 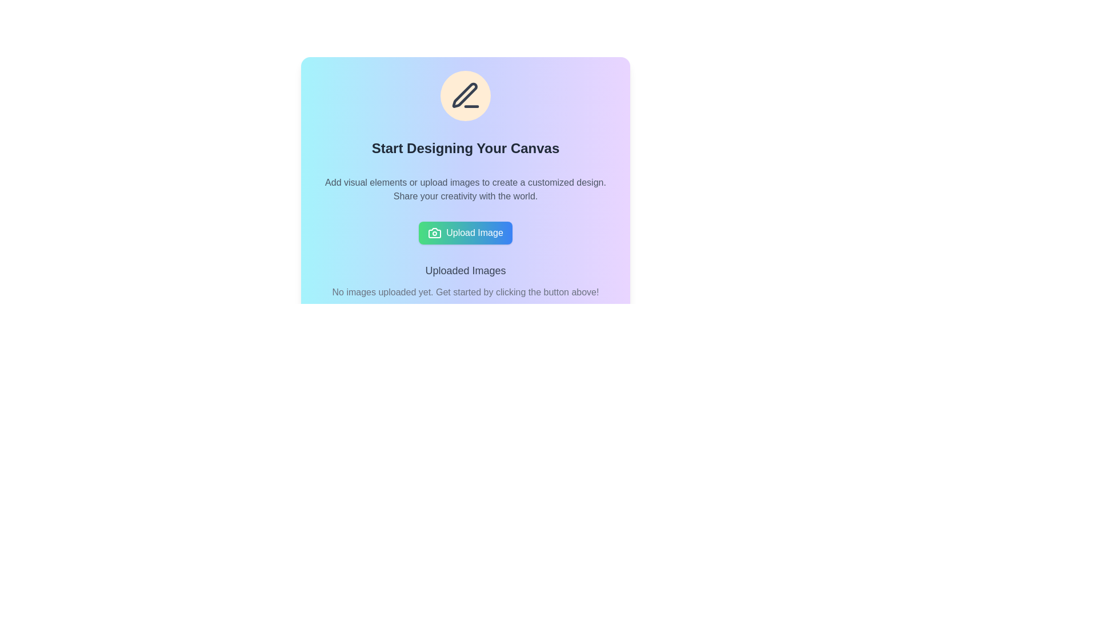 What do you see at coordinates (434, 233) in the screenshot?
I see `the 'Upload Image' button, which is visually reinforced by the Decorative Icon (camera icon) located on the left side of the button` at bounding box center [434, 233].